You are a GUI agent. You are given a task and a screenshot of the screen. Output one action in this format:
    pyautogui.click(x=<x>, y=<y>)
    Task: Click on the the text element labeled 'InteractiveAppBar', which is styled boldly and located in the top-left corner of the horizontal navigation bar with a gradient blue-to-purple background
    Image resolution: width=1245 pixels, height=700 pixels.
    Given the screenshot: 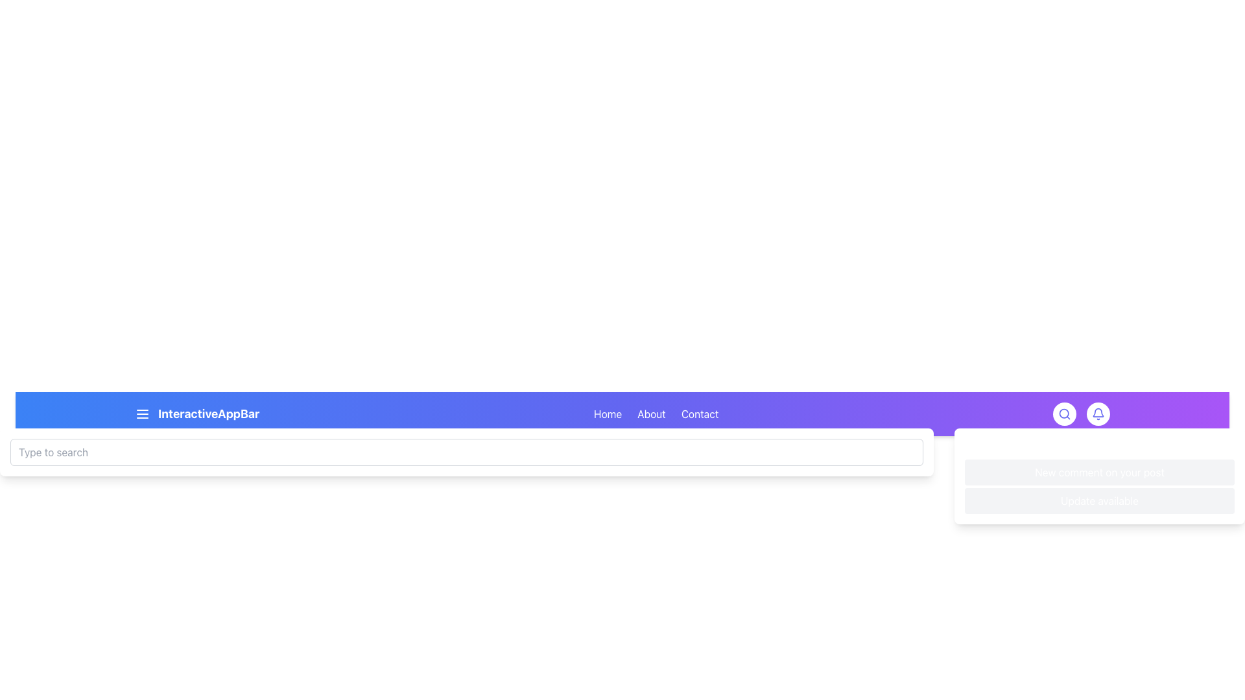 What is the action you would take?
    pyautogui.click(x=196, y=414)
    